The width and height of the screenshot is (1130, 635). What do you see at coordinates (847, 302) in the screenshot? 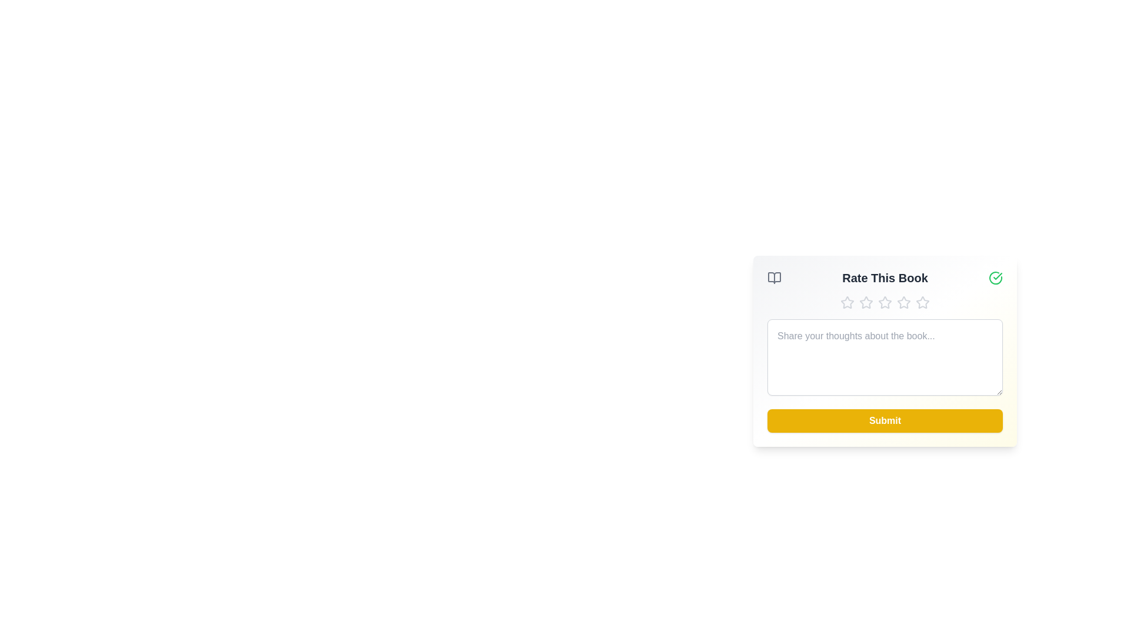
I see `the star corresponding to 1 to set the rating` at bounding box center [847, 302].